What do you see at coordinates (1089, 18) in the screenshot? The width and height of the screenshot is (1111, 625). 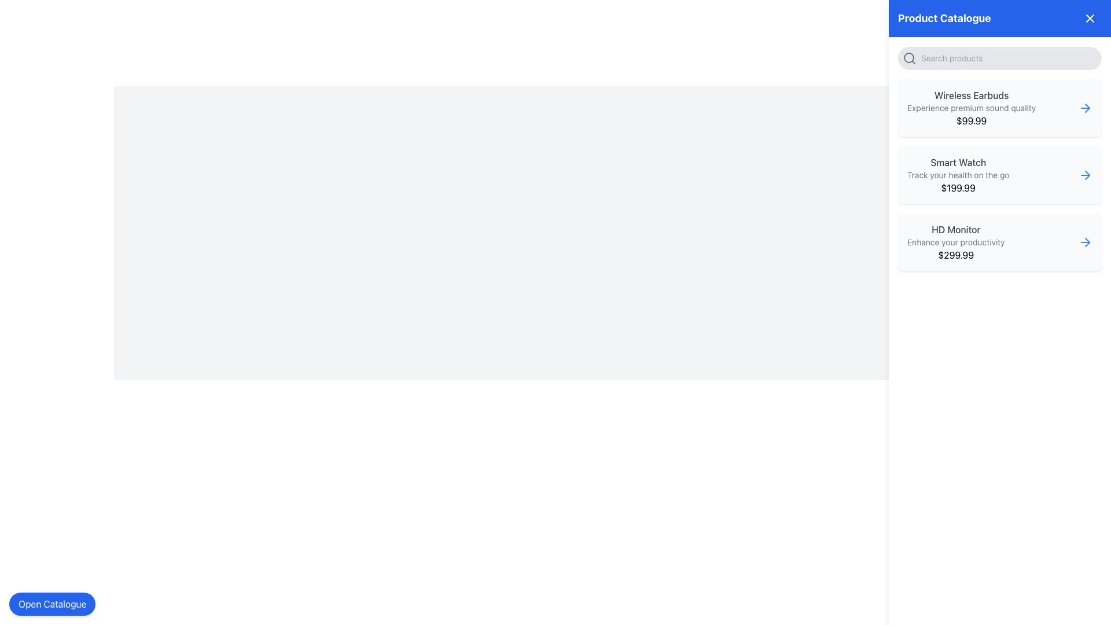 I see `the small button with an 'X' icon on a blue background located in the top-right corner of the 'Product Catalogue' section header` at bounding box center [1089, 18].